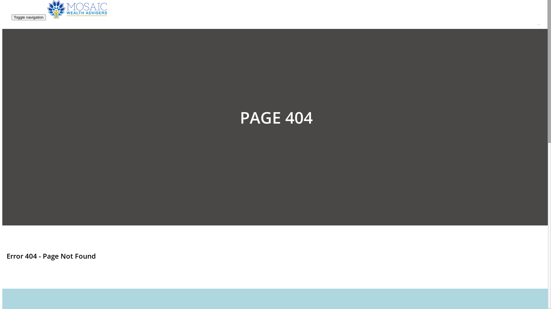 Image resolution: width=551 pixels, height=309 pixels. Describe the element at coordinates (406, 149) in the screenshot. I see `'Contact us'` at that location.